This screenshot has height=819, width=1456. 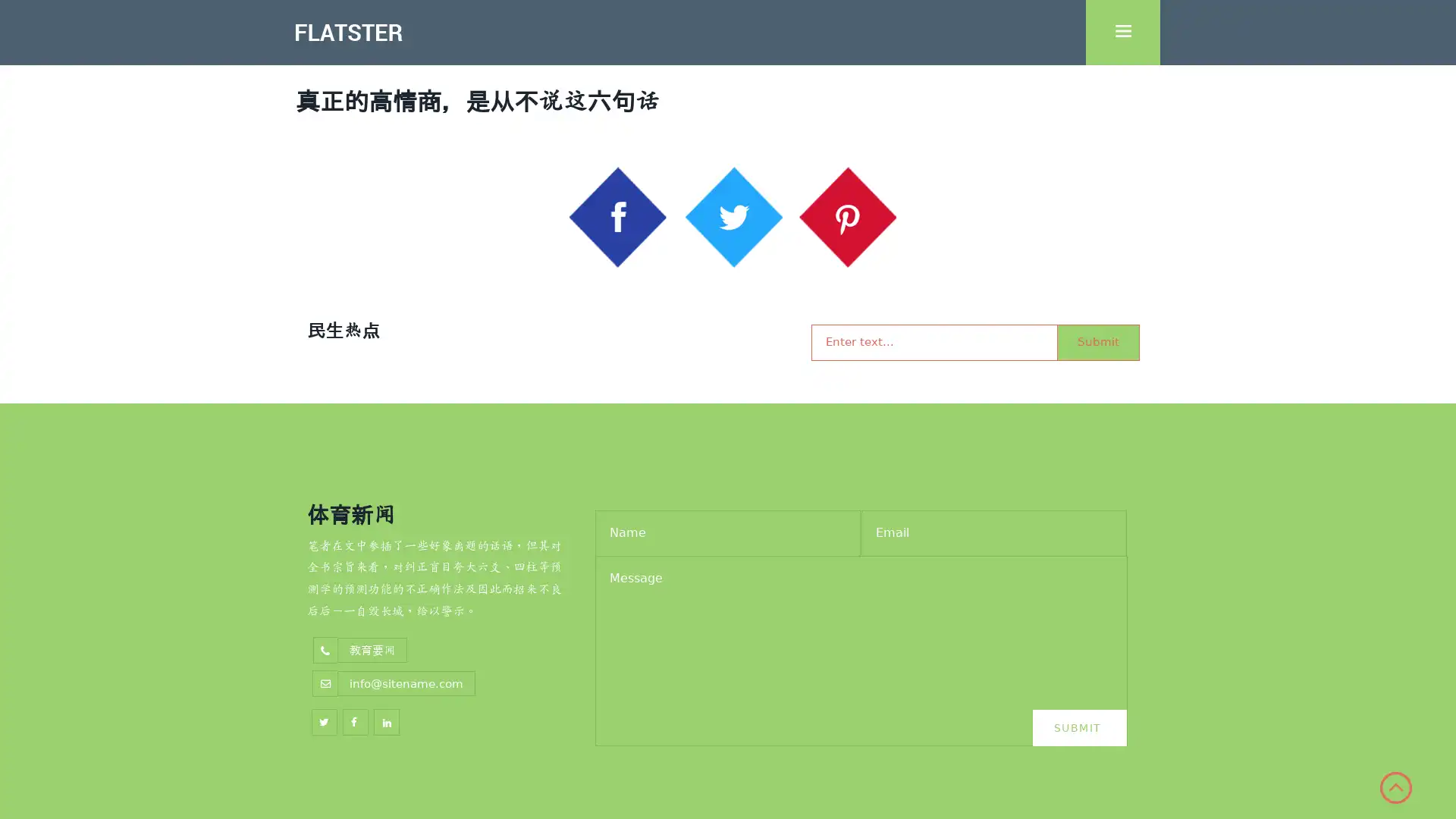 What do you see at coordinates (1093, 342) in the screenshot?
I see `Submit` at bounding box center [1093, 342].